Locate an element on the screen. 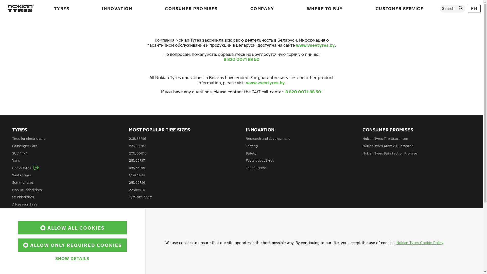  'Vans' is located at coordinates (16, 160).